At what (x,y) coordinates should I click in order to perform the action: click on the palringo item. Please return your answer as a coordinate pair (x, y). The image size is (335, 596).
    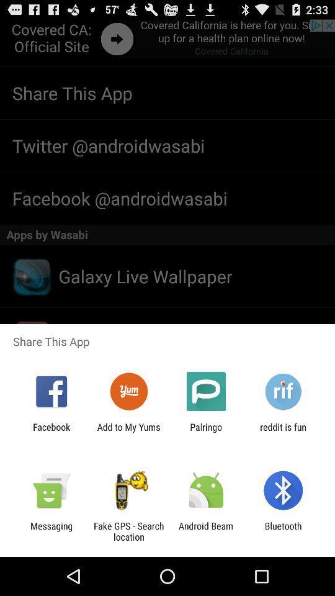
    Looking at the image, I should click on (206, 432).